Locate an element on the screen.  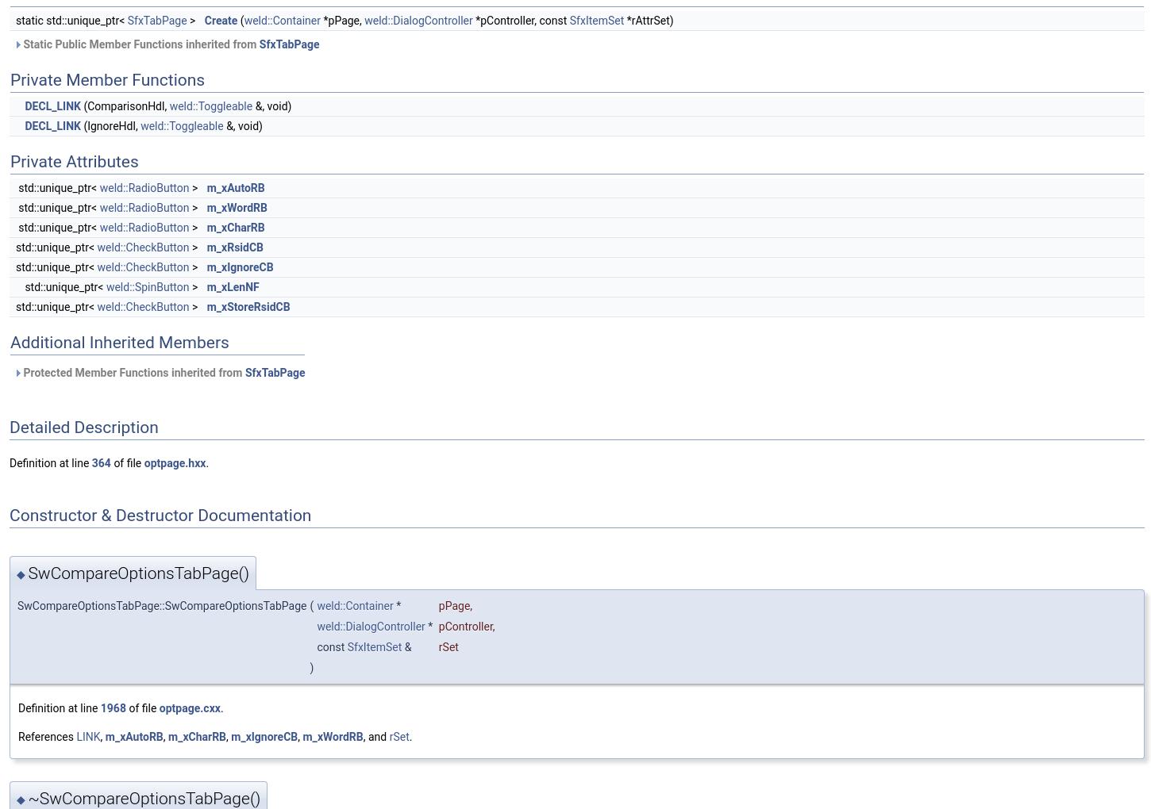
')' is located at coordinates (310, 668).